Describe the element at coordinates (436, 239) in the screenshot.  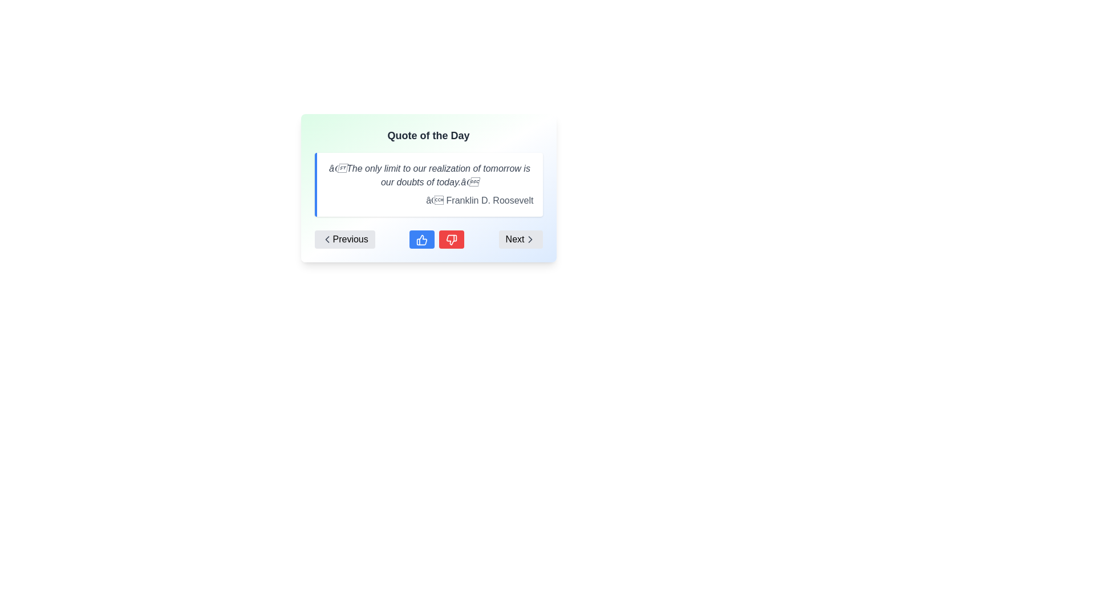
I see `the blue thumbs-up button to upvote, which is part of a voting component located centrally below the quote section and between 'Previous' and 'Next' navigation buttons` at that location.